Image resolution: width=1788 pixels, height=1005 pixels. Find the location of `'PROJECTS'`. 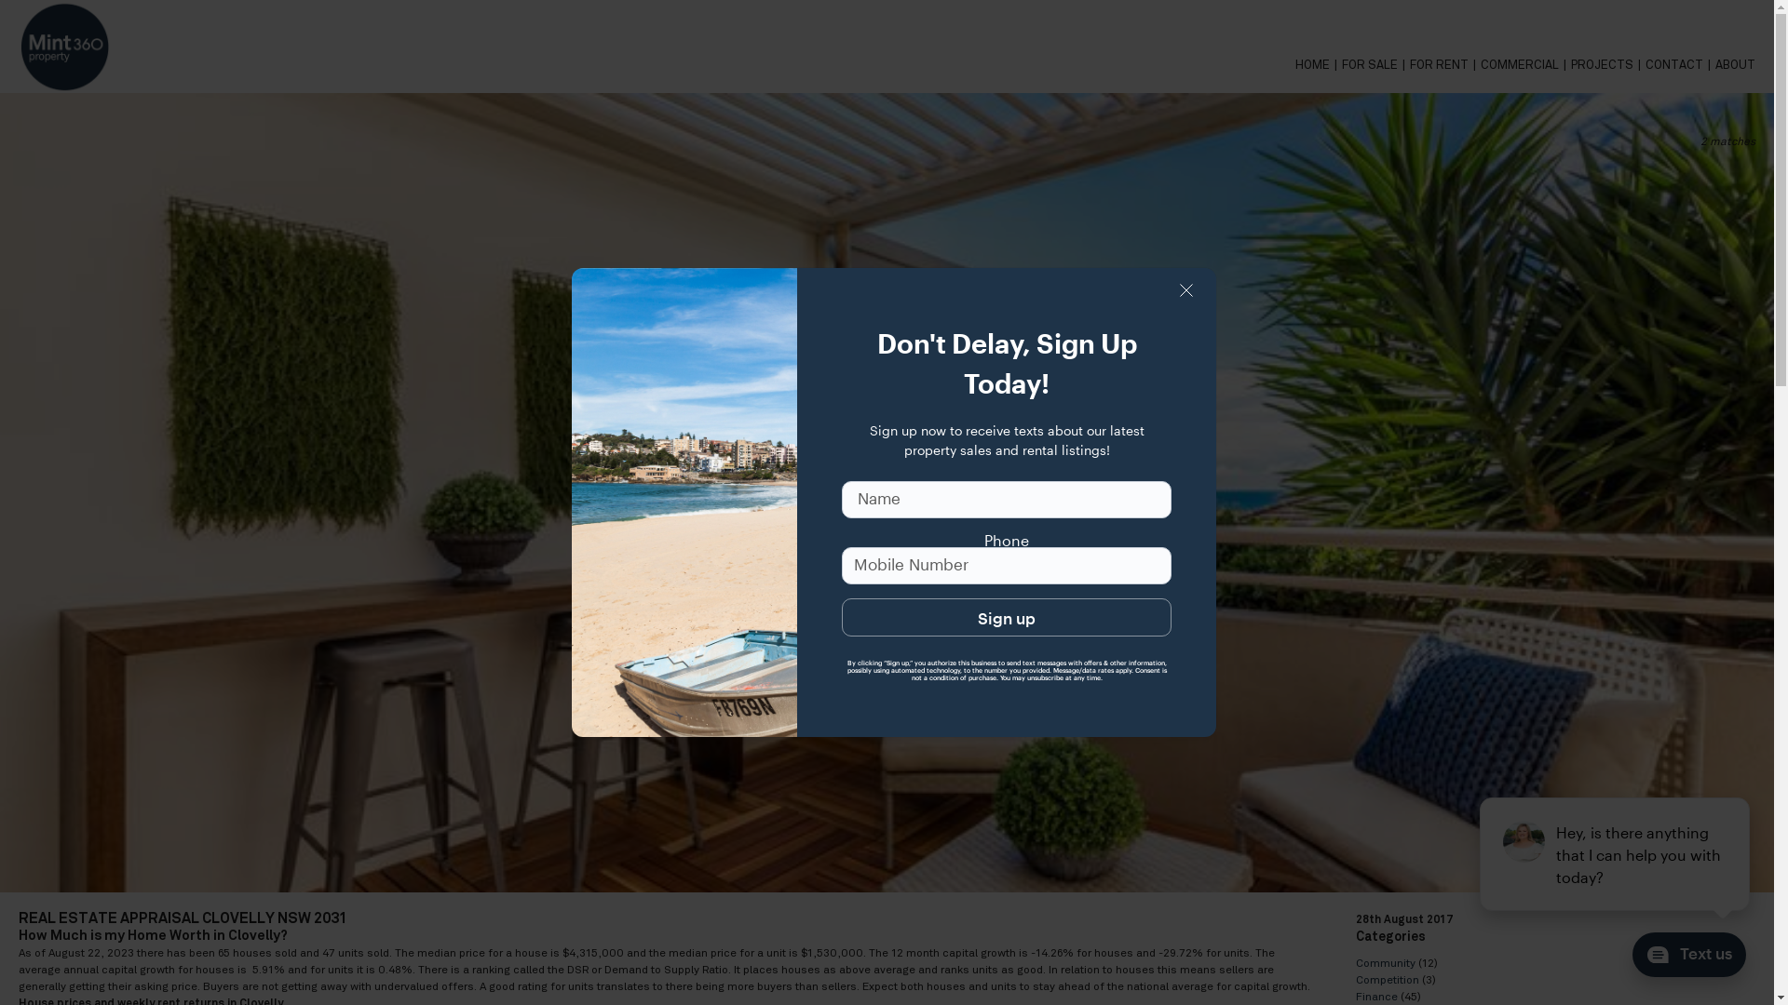

'PROJECTS' is located at coordinates (1607, 63).